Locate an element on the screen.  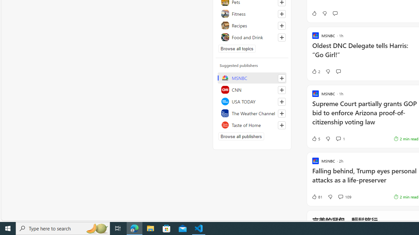
'Taste of Home' is located at coordinates (252, 125).